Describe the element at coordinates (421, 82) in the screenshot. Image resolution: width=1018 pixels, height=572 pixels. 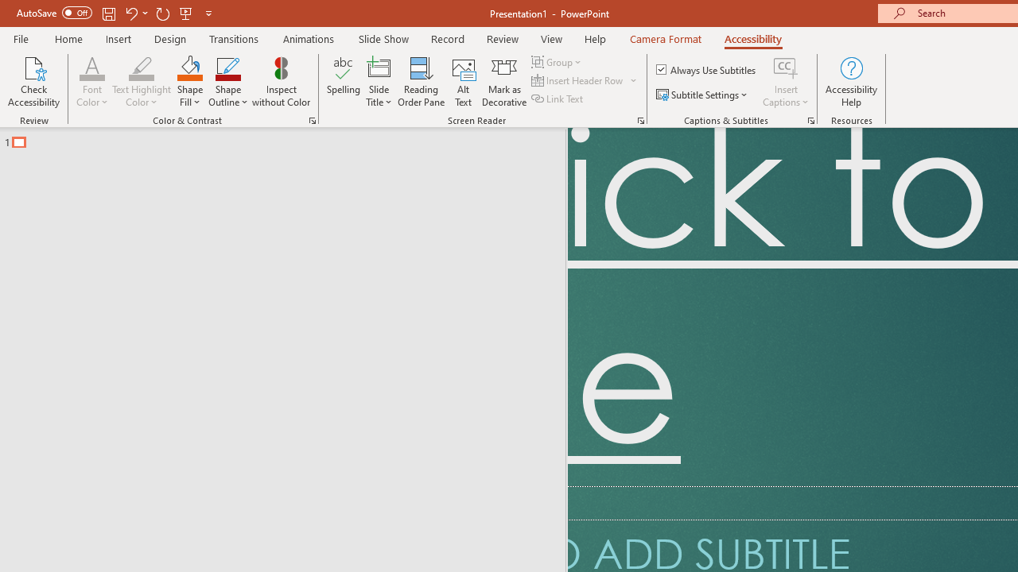
I see `'Reading Order Pane'` at that location.